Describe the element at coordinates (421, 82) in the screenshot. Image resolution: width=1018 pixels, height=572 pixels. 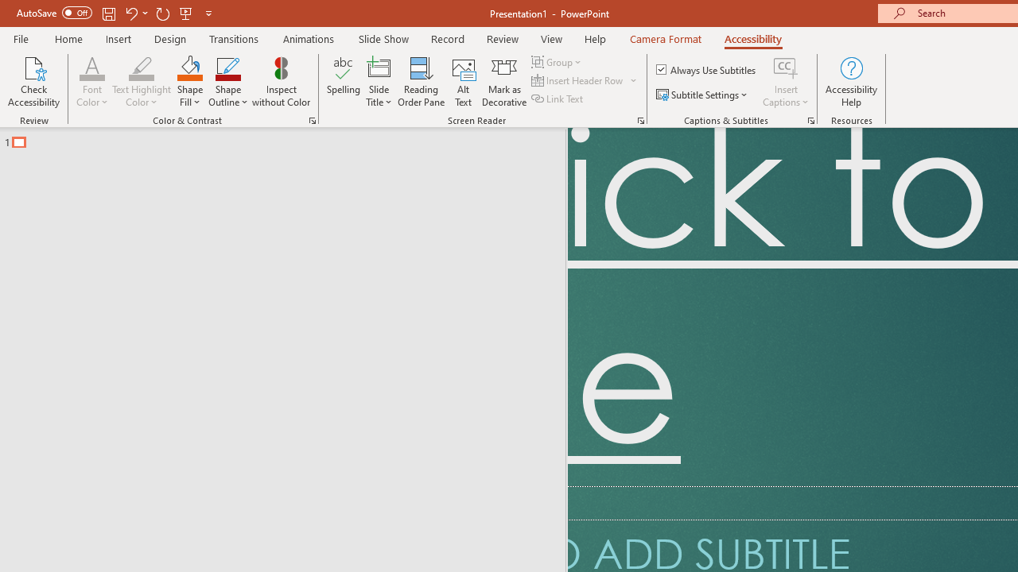
I see `'Reading Order Pane'` at that location.